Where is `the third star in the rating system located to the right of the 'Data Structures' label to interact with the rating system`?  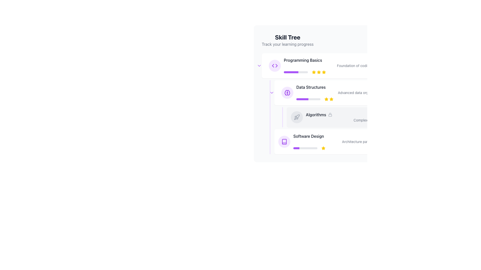
the third star in the rating system located to the right of the 'Data Structures' label to interact with the rating system is located at coordinates (331, 99).